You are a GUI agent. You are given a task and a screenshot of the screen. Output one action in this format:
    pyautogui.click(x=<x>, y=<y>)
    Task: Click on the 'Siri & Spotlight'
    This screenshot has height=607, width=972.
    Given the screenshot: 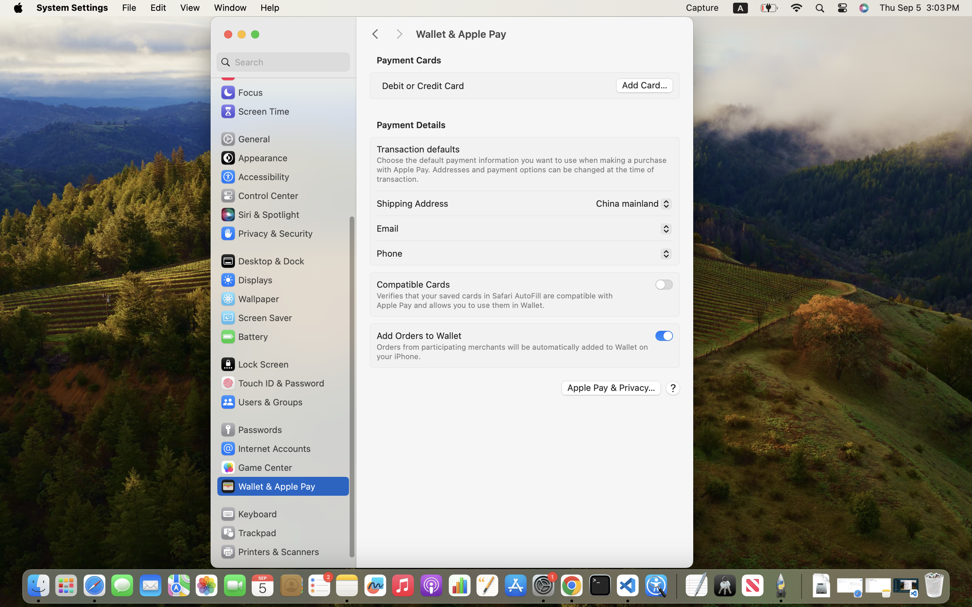 What is the action you would take?
    pyautogui.click(x=259, y=214)
    